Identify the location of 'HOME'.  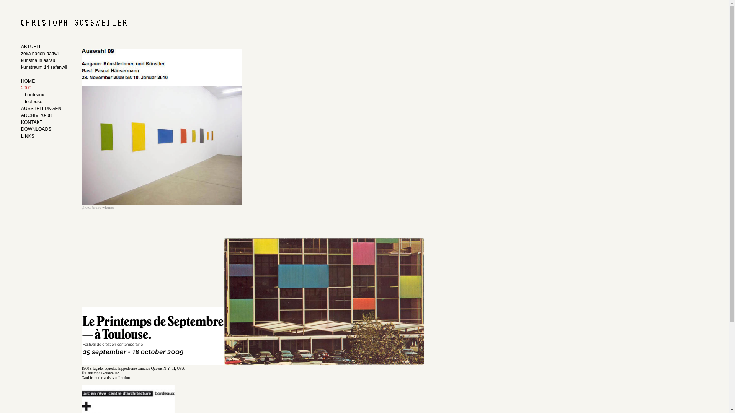
(44, 81).